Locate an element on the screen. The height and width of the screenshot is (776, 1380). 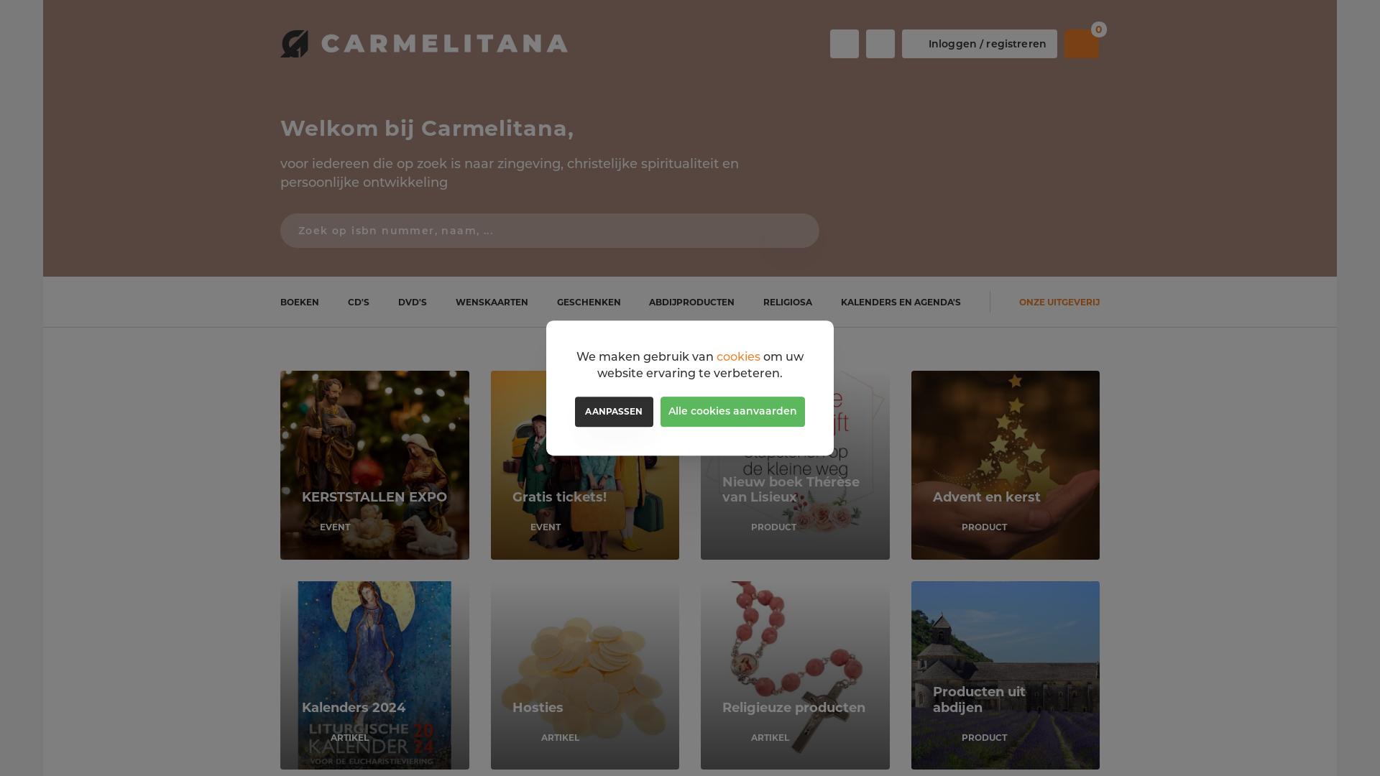
'0' is located at coordinates (1082, 43).